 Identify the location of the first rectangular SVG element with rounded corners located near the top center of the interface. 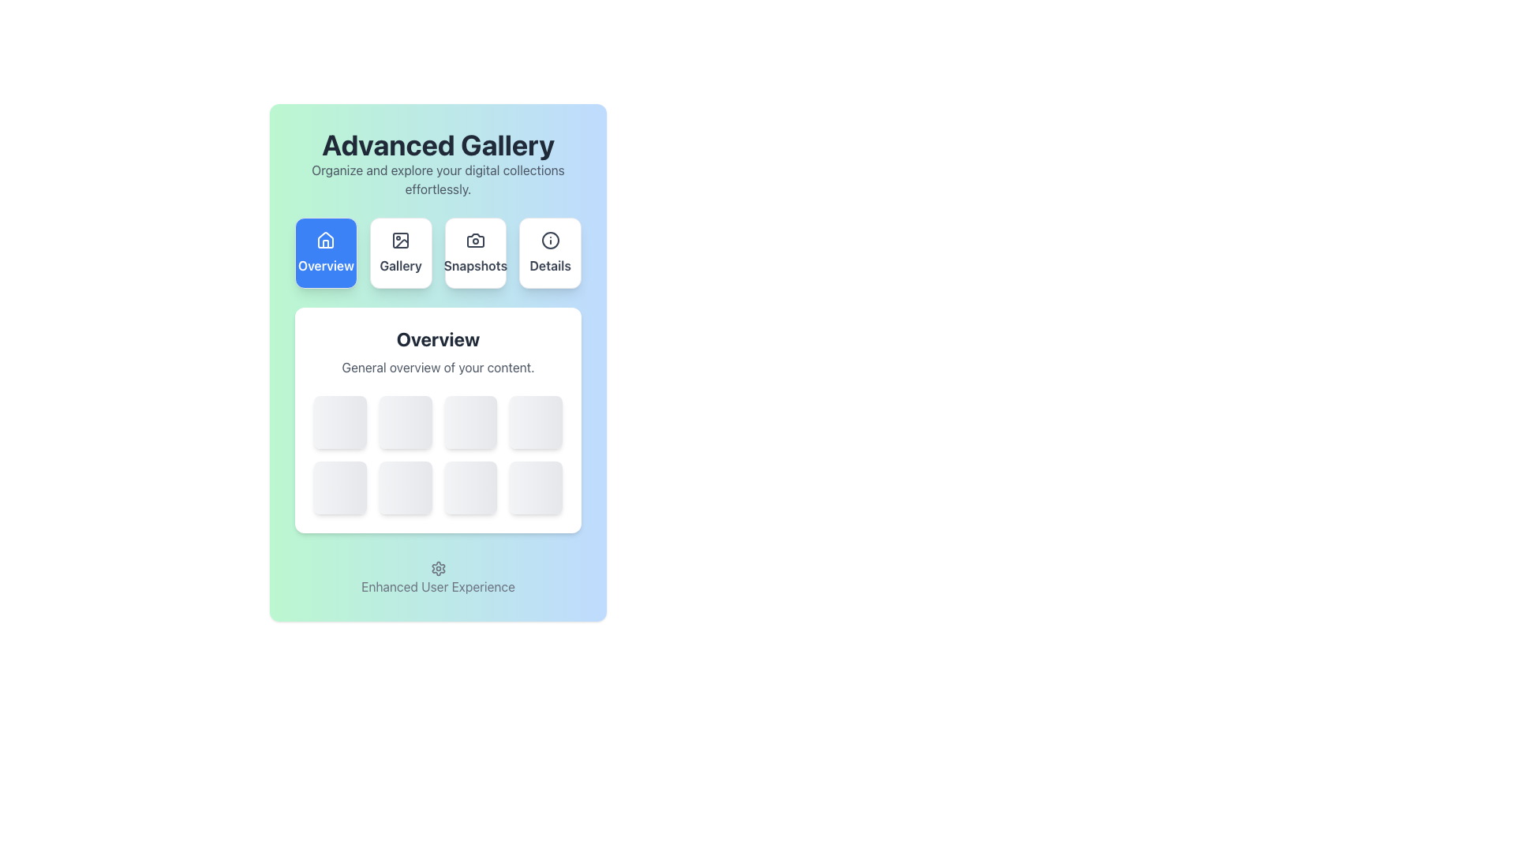
(401, 240).